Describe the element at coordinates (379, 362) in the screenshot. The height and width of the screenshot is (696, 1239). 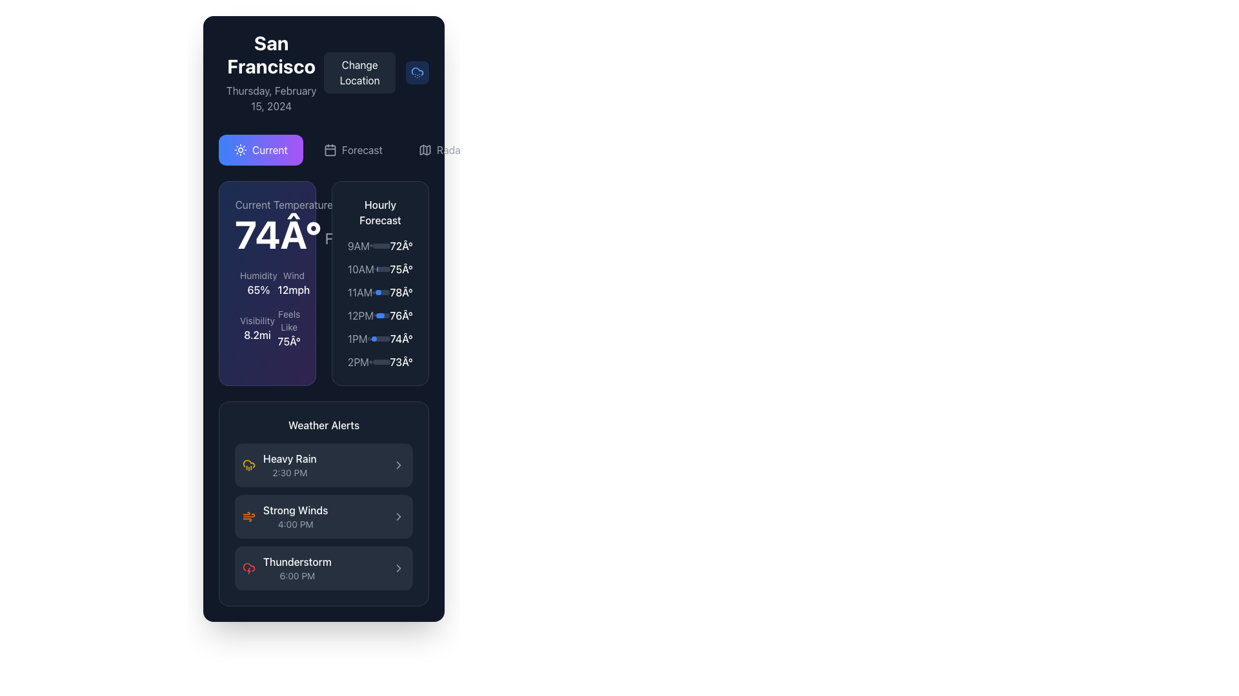
I see `the Weather forecast row indicating the forecast for 2 PM, which includes sun conditions and predicted temperature, positioned between the '1PM 74°' entry and subsequent content` at that location.